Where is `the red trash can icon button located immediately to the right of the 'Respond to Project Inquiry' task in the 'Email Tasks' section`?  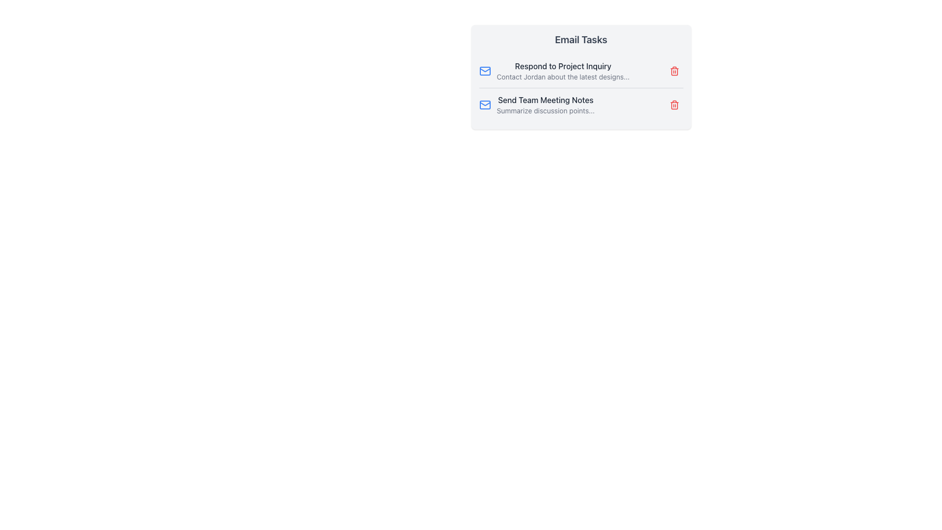
the red trash can icon button located immediately to the right of the 'Respond to Project Inquiry' task in the 'Email Tasks' section is located at coordinates (674, 71).